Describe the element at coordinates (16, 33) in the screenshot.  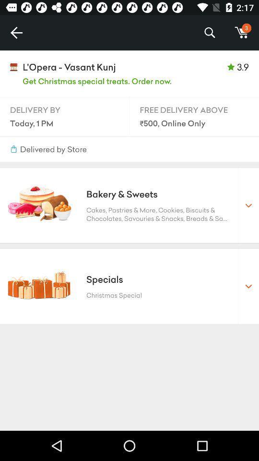
I see `the icon to the left of the % icon` at that location.